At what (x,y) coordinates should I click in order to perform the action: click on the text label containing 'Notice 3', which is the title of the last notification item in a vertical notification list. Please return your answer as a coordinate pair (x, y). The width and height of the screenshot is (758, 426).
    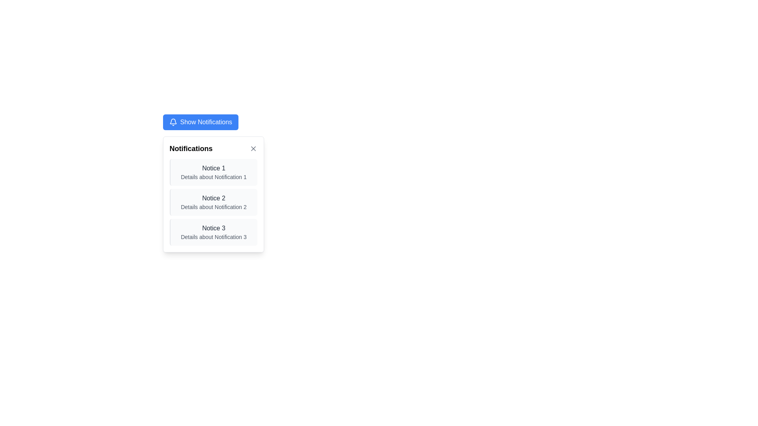
    Looking at the image, I should click on (214, 228).